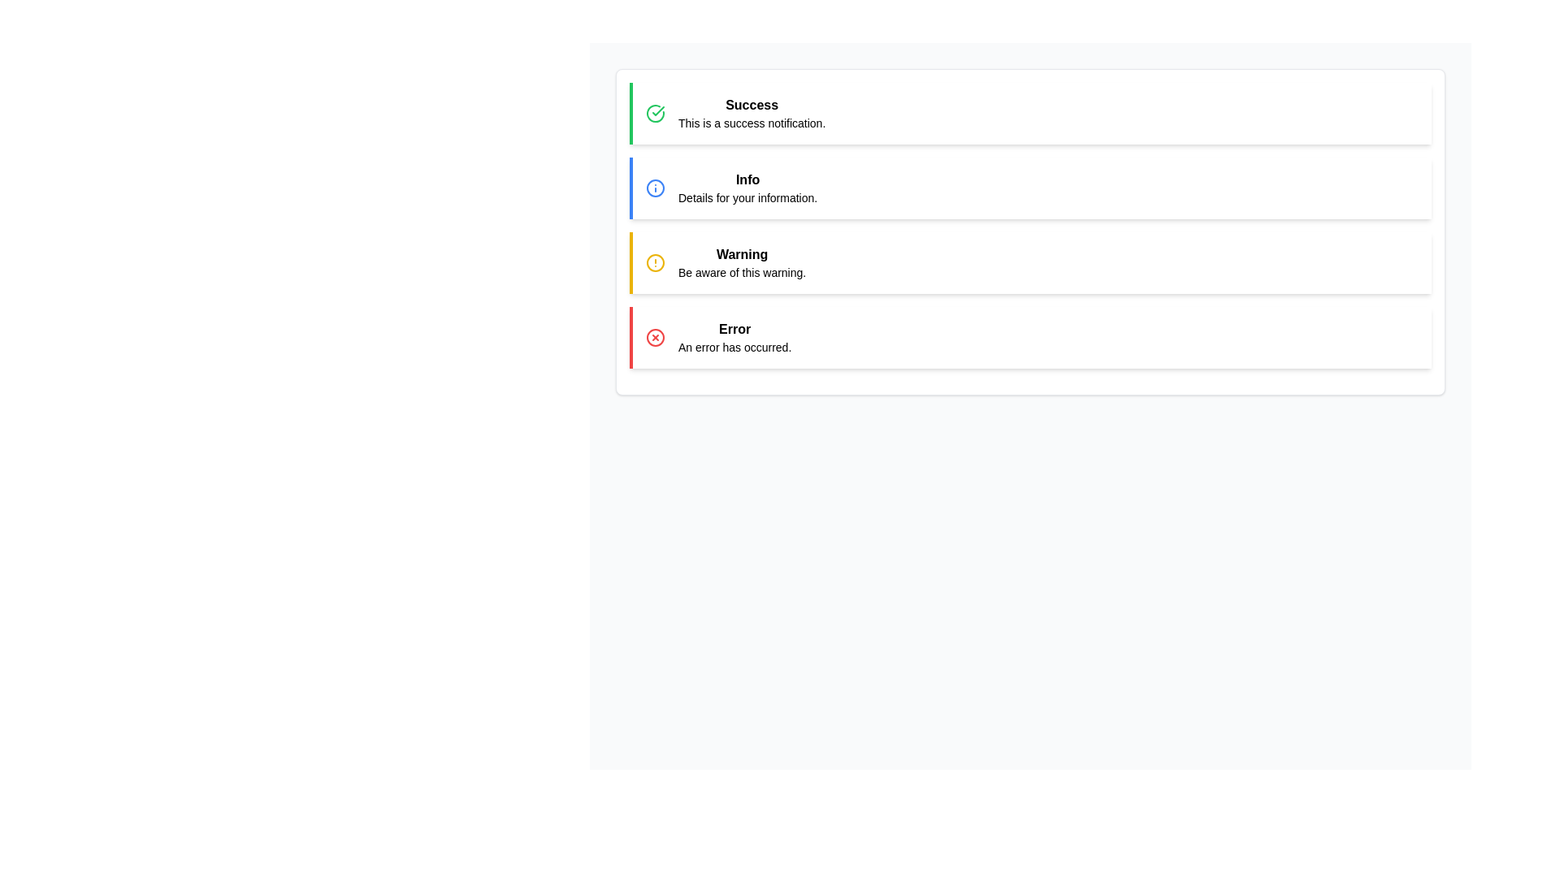  What do you see at coordinates (741, 262) in the screenshot?
I see `text from the warning notification box, which displays 'Warning' in bold and 'Be aware of this warning.' in smaller font, located between the info and error notifications` at bounding box center [741, 262].